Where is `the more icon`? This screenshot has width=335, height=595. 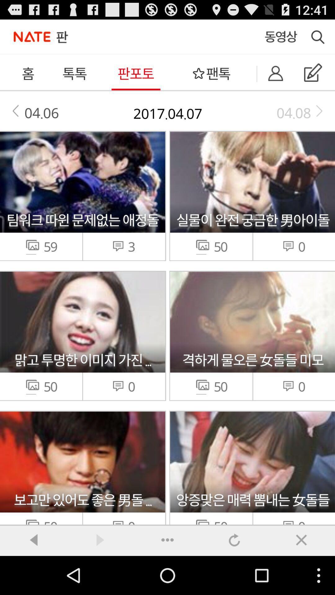 the more icon is located at coordinates (167, 577).